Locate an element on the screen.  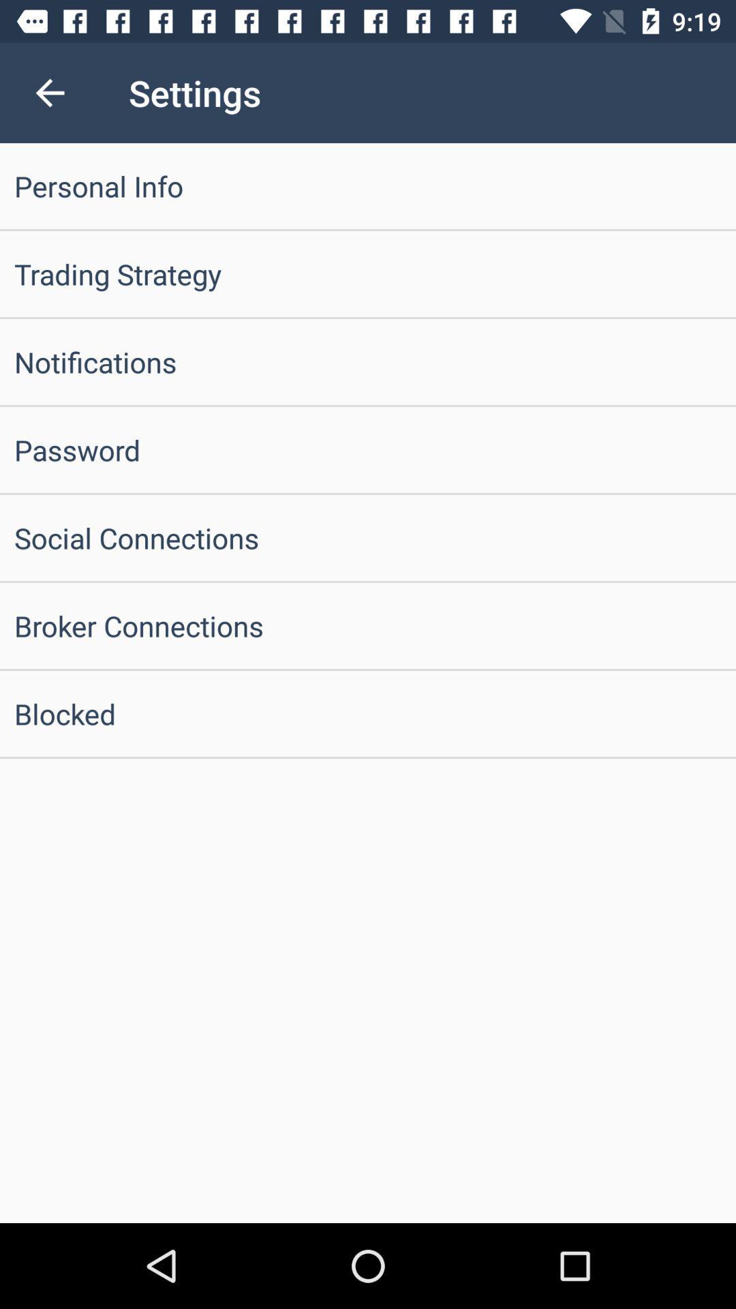
the icon below the social connections item is located at coordinates (368, 625).